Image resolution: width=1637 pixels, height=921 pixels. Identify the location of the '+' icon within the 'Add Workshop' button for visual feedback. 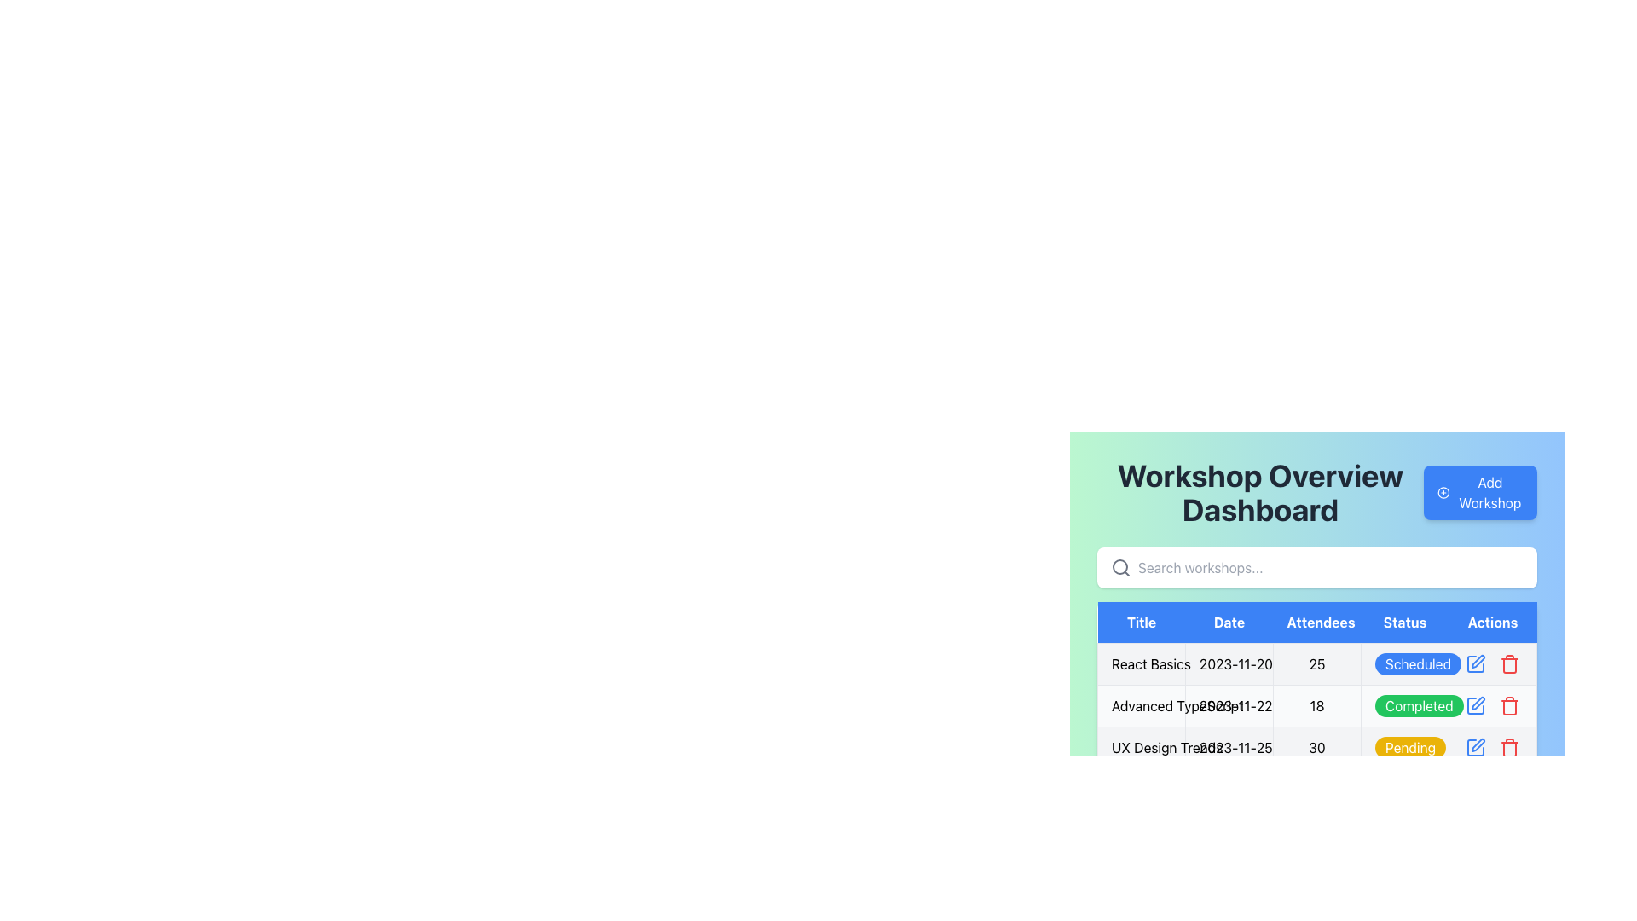
(1443, 493).